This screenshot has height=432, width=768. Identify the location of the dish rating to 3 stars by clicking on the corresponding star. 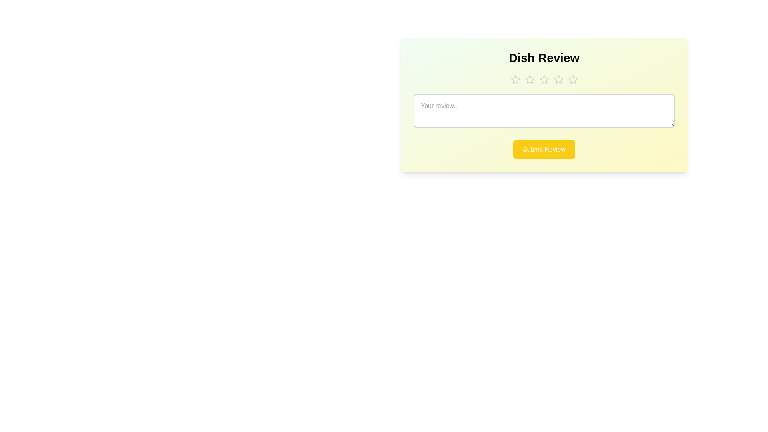
(544, 80).